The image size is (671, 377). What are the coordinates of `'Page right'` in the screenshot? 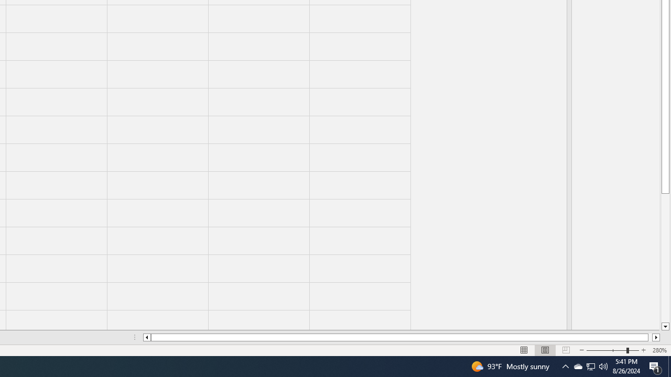 It's located at (650, 337).